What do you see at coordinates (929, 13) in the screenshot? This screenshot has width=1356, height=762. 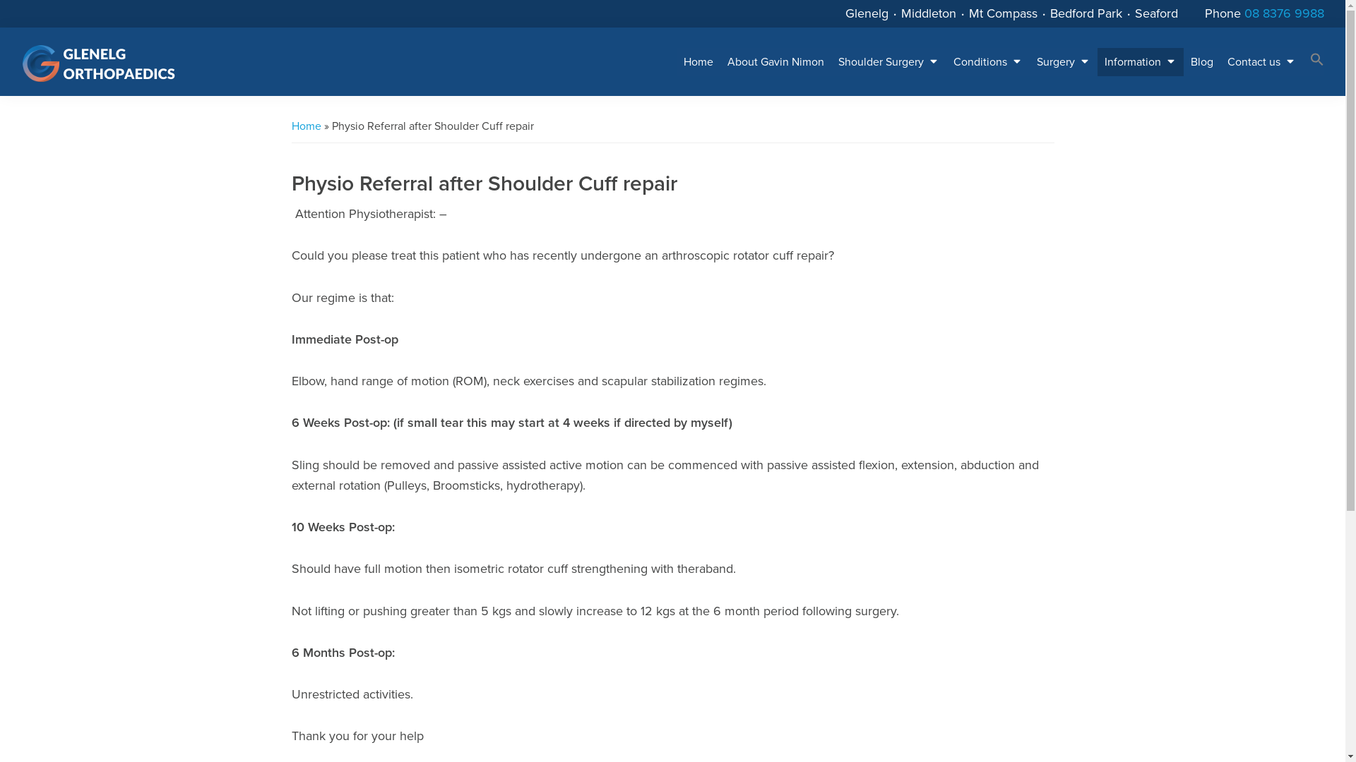 I see `'Middleton'` at bounding box center [929, 13].